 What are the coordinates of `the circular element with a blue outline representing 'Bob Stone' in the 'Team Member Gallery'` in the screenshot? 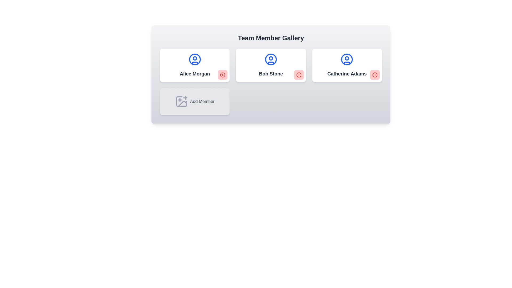 It's located at (271, 59).